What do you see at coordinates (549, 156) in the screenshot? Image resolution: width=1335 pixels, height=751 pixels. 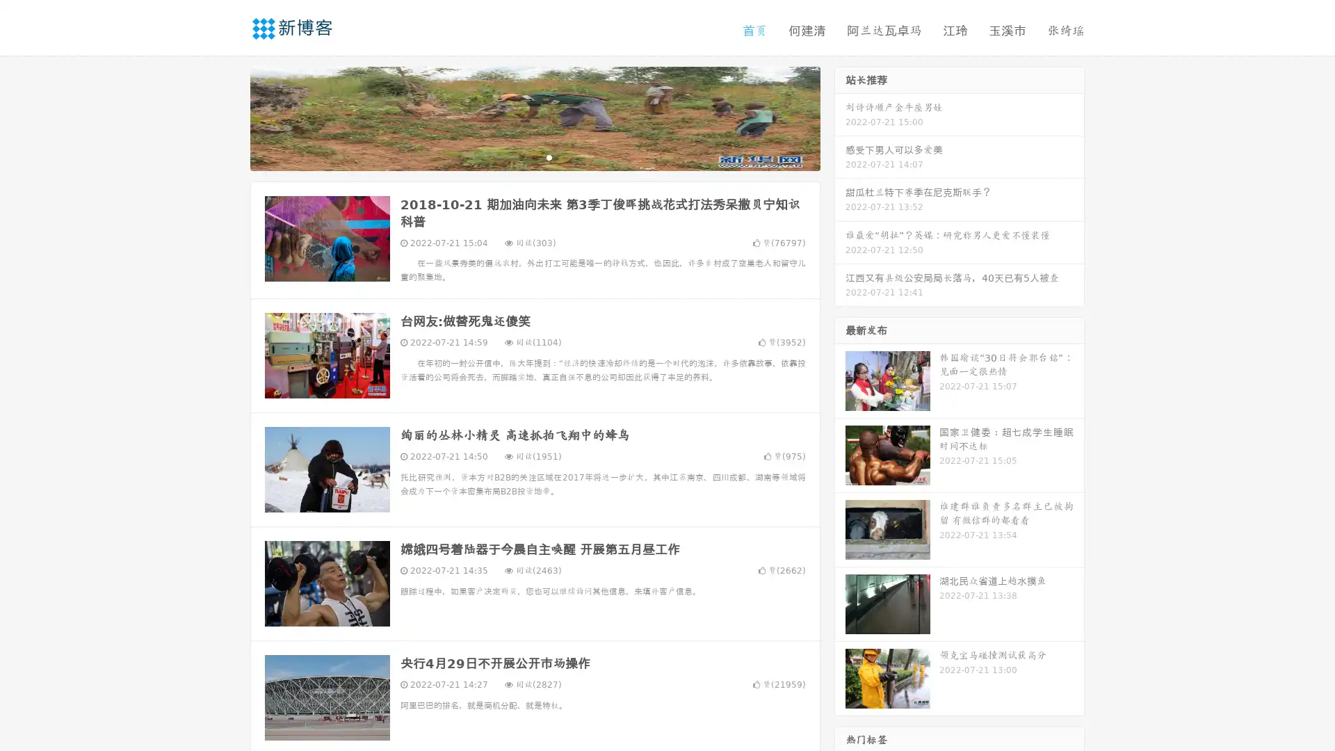 I see `Go to slide 3` at bounding box center [549, 156].